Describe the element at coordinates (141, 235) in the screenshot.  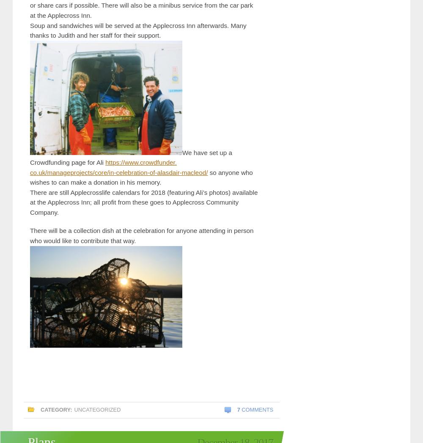
I see `'There will be a collection dish at the celebration for anyone attending in person who would like to contribute that way.'` at that location.